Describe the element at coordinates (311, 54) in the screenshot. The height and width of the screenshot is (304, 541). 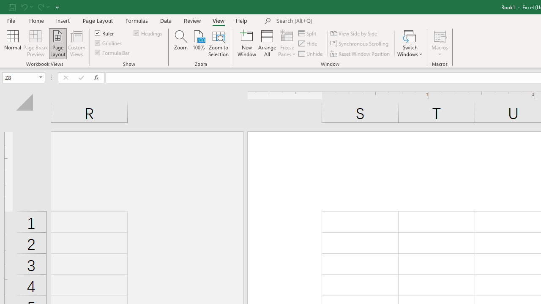
I see `'Unhide...'` at that location.